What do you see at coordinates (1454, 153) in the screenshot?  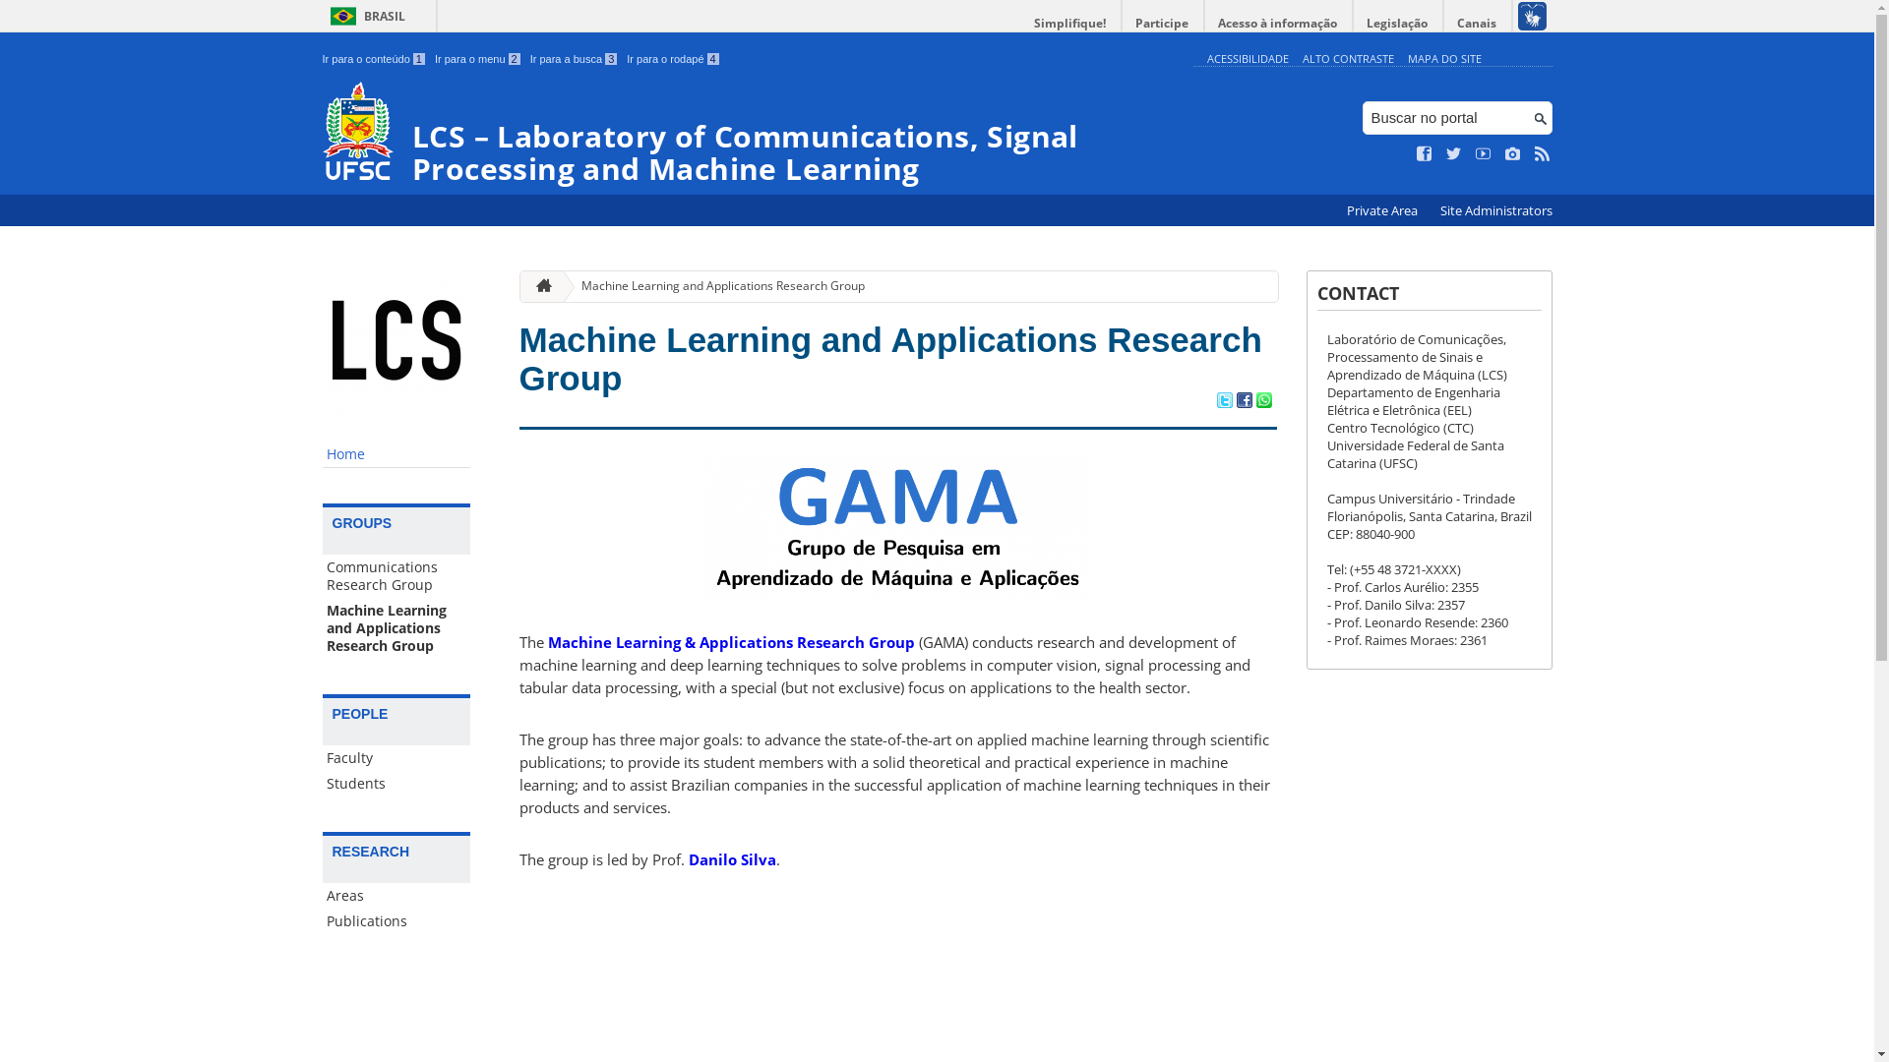 I see `'Siga no Twitter'` at bounding box center [1454, 153].